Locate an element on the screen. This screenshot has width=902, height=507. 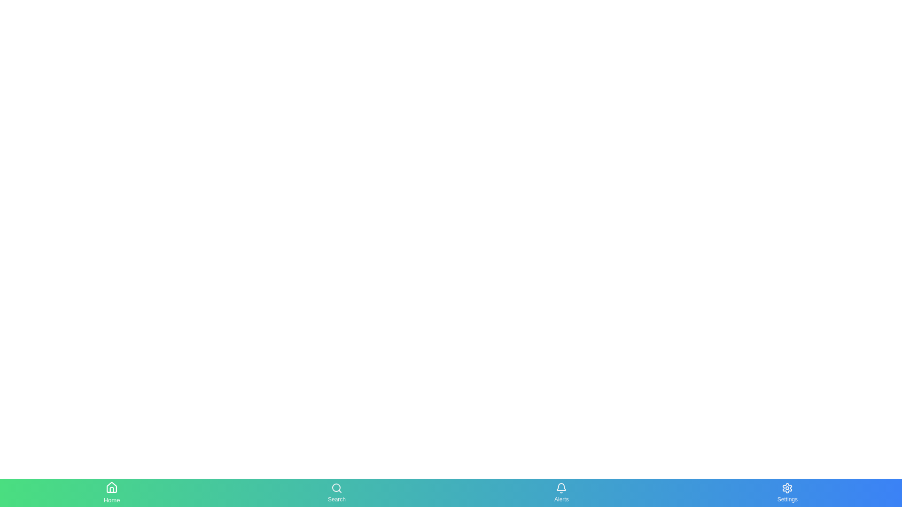
the navigation item labeled 'Search' is located at coordinates (336, 492).